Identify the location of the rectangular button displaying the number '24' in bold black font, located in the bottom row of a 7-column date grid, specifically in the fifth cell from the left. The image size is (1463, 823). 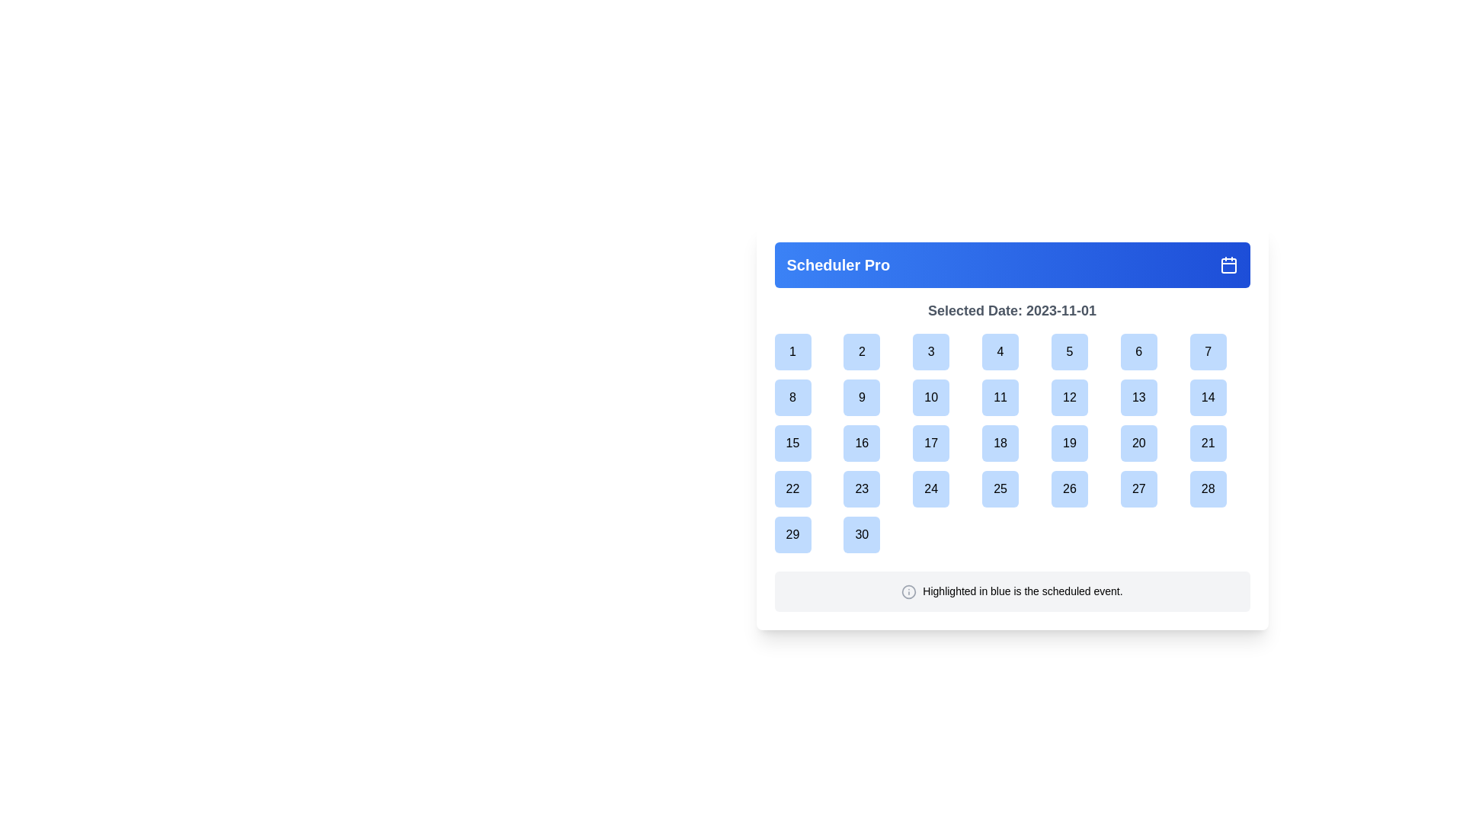
(942, 488).